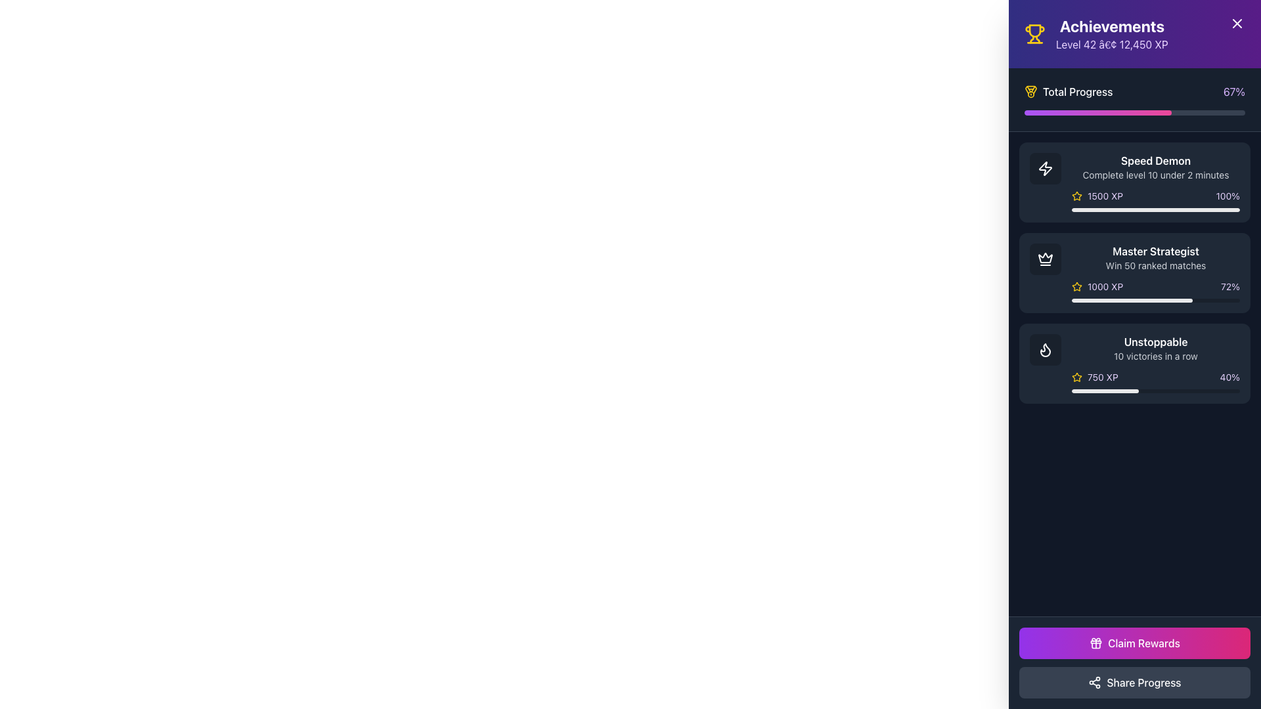  I want to click on the purple numerical text '67%' that signifies the progress value, located at the far right of the 'Total Progress' section, so click(1233, 91).